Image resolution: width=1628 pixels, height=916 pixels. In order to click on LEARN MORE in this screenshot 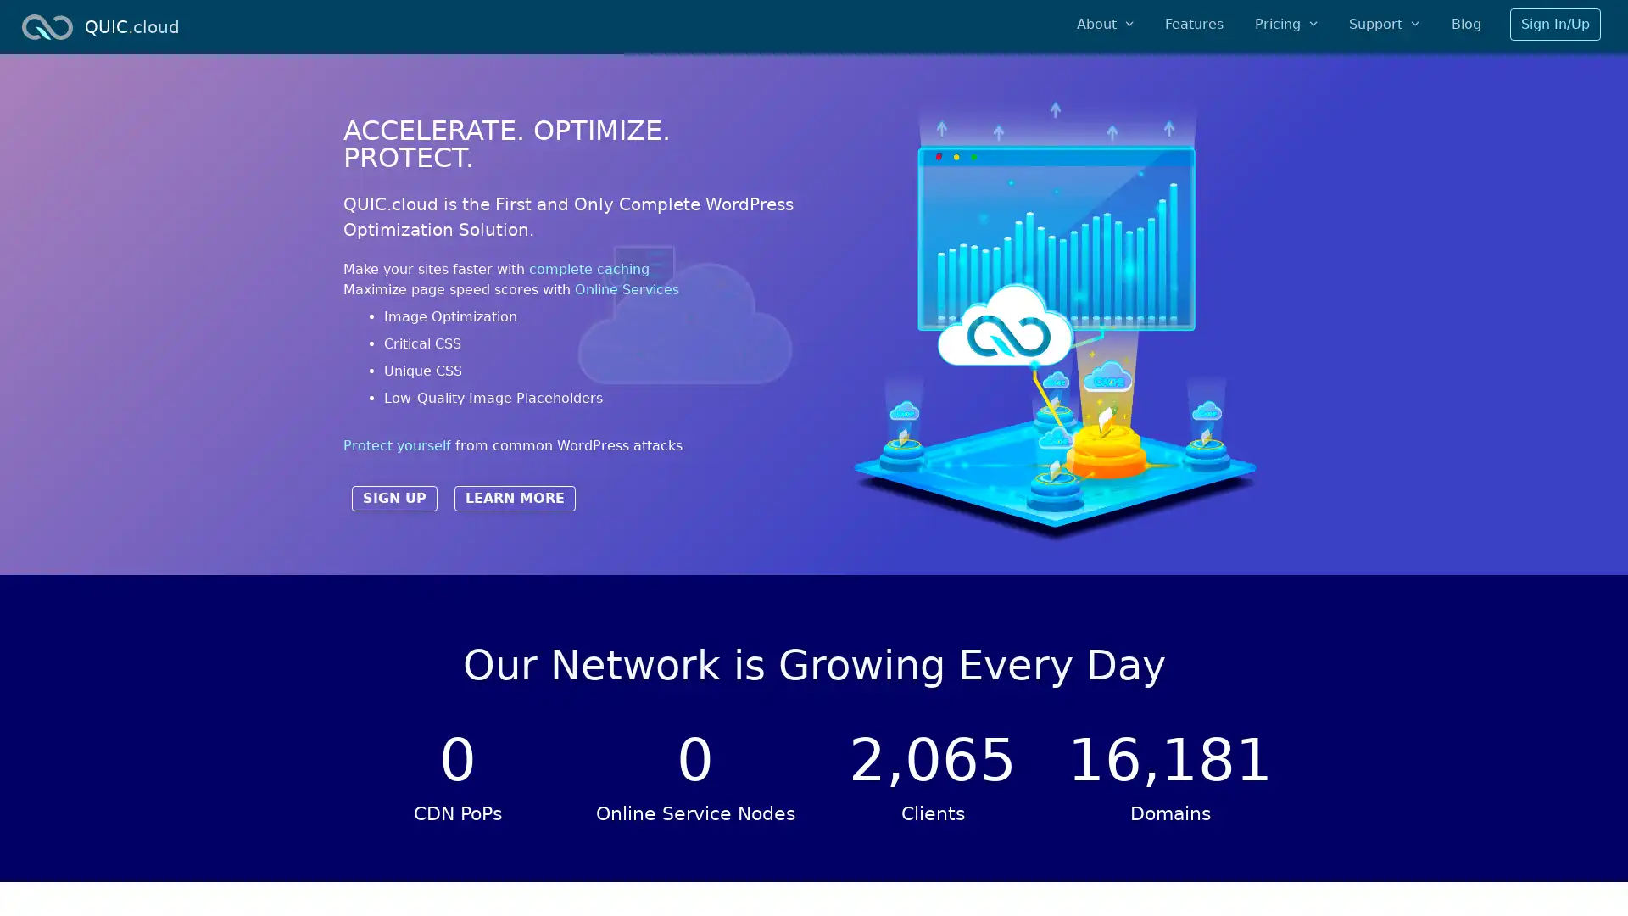, I will do `click(514, 497)`.